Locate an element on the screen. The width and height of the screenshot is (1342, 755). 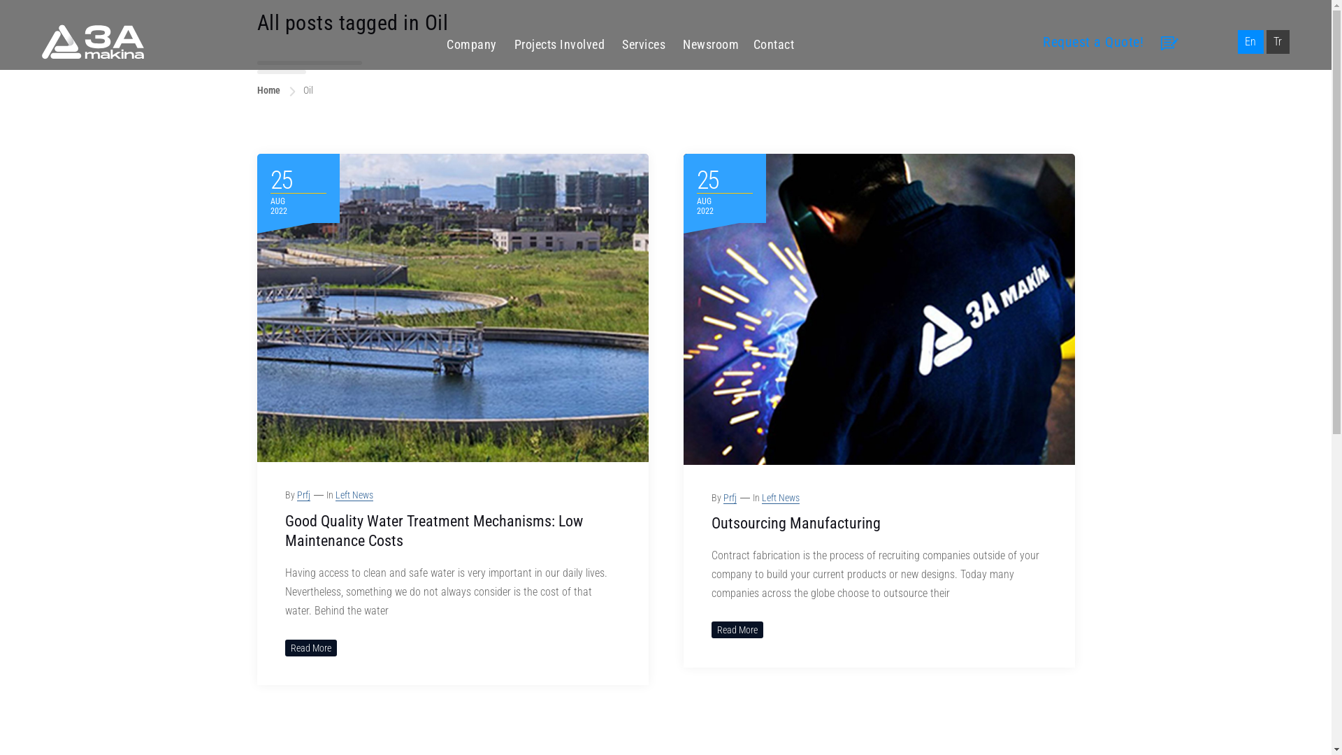
'Newsroom' is located at coordinates (711, 44).